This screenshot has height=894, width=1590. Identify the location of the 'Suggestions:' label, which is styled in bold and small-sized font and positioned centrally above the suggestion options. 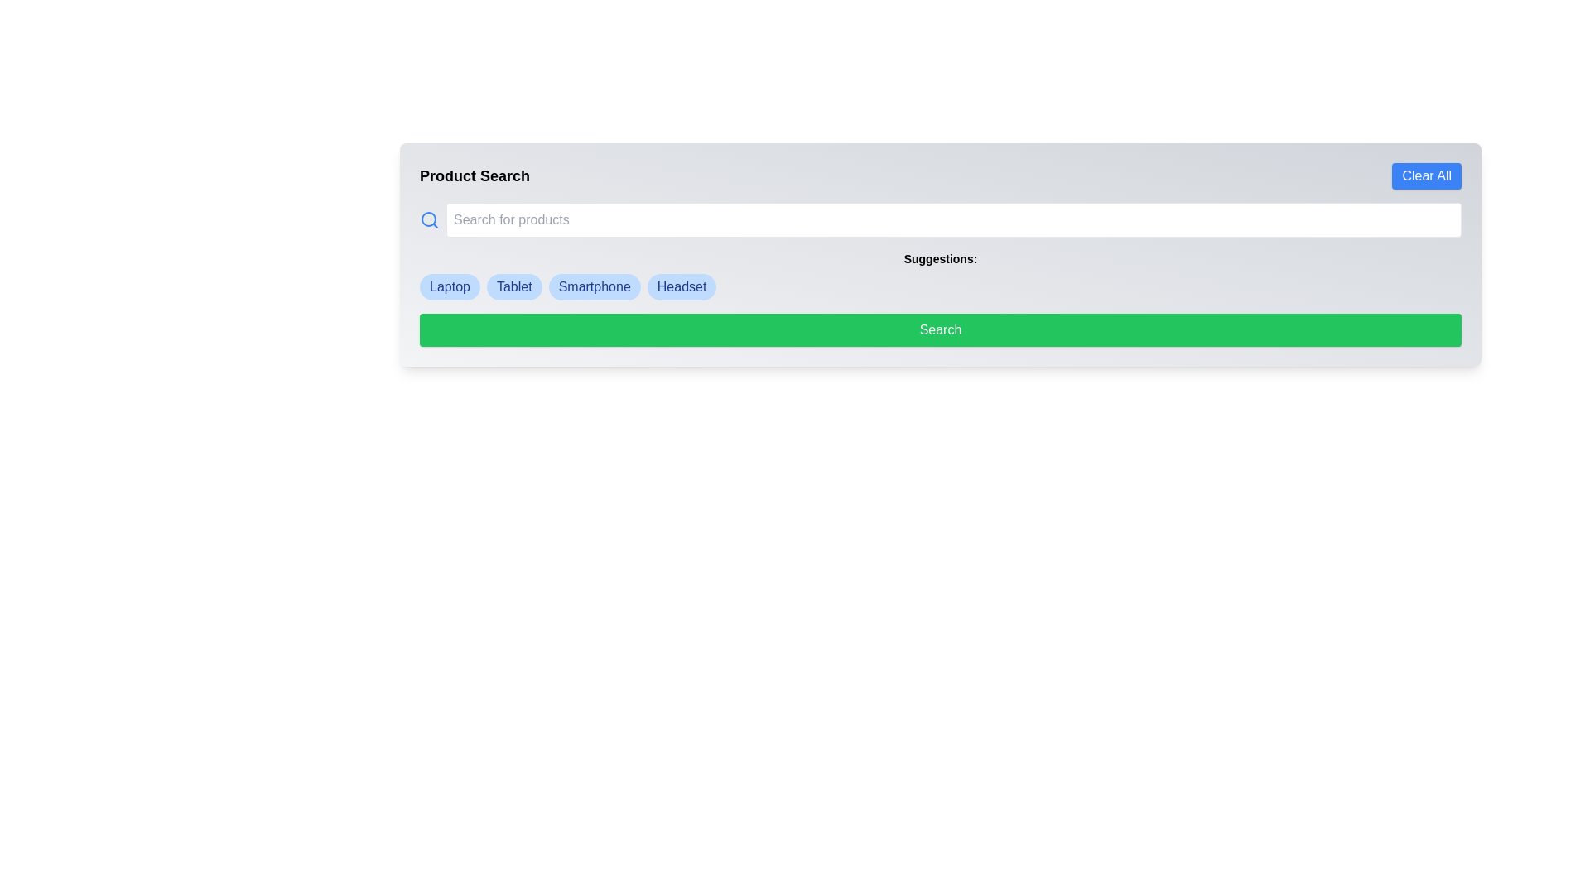
(941, 258).